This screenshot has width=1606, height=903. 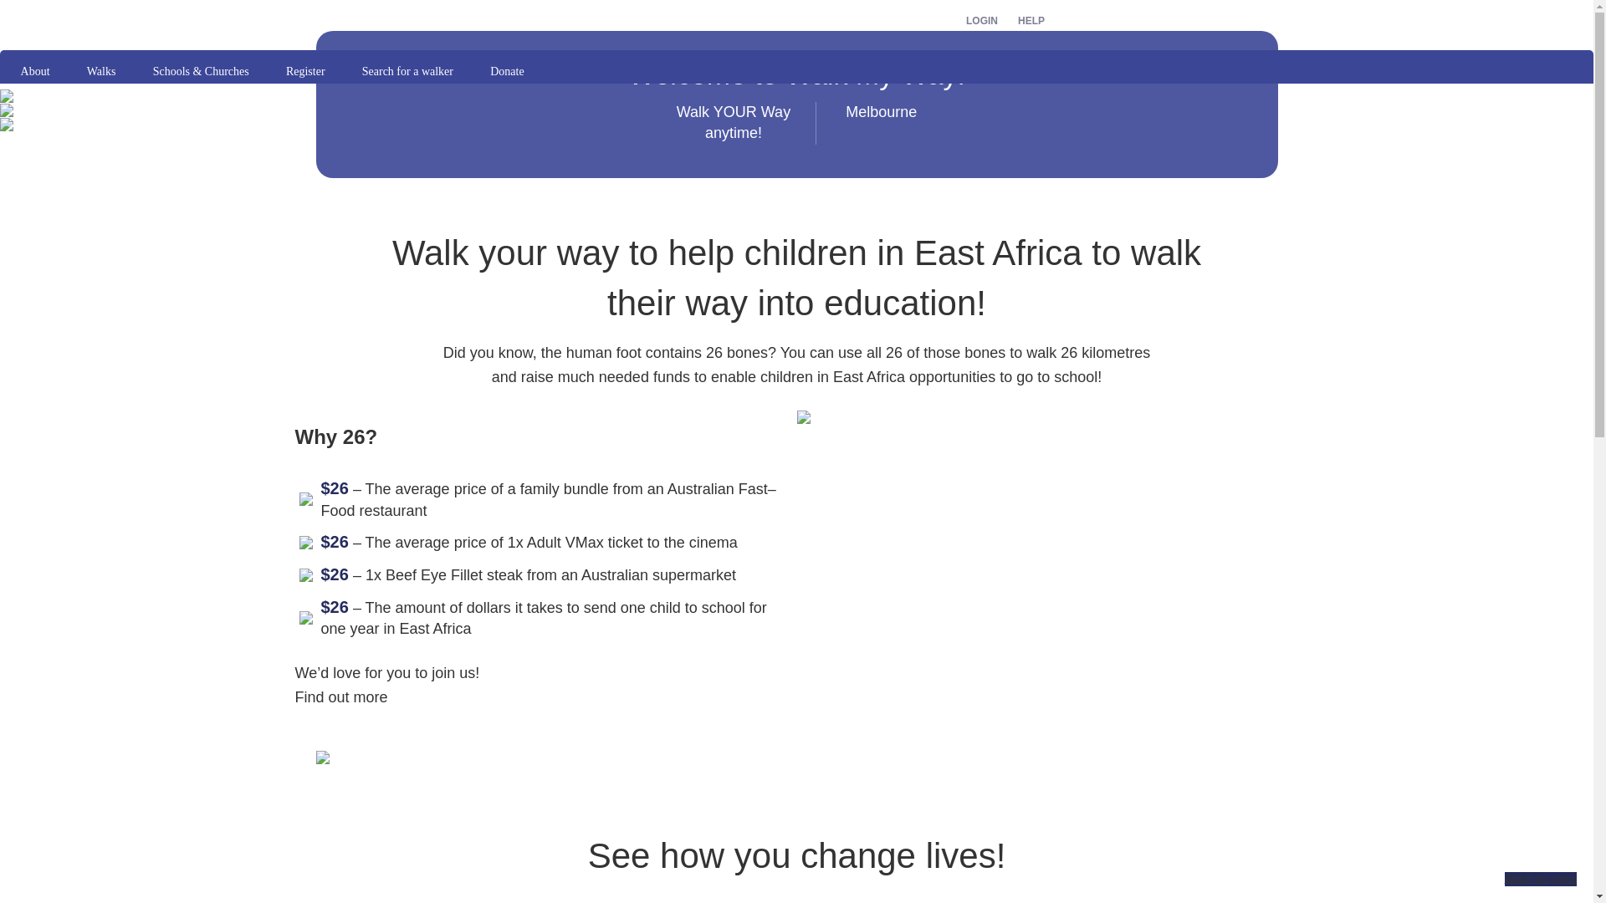 What do you see at coordinates (506, 70) in the screenshot?
I see `'Donate'` at bounding box center [506, 70].